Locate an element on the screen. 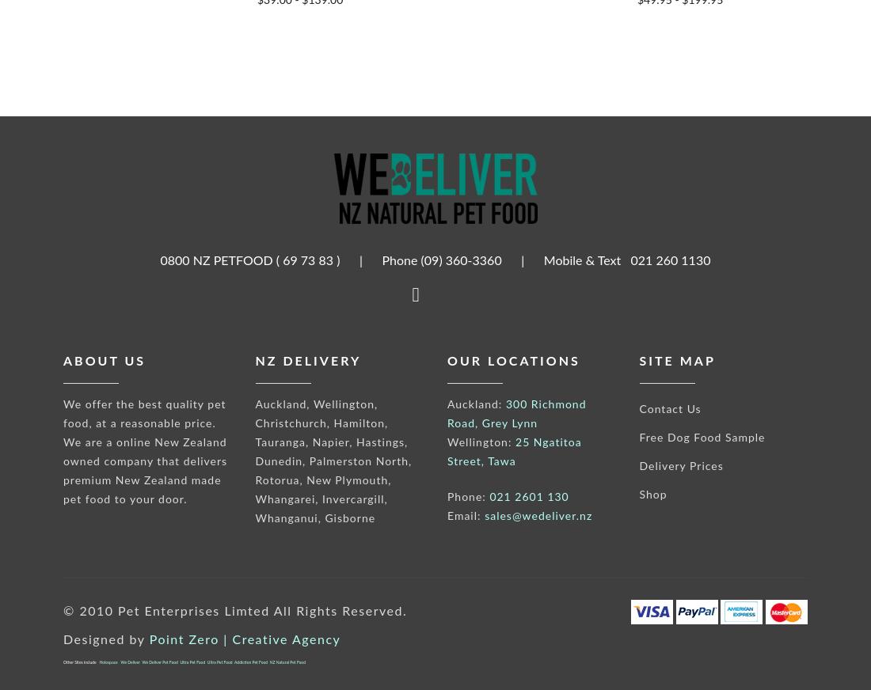 Image resolution: width=871 pixels, height=690 pixels. 'sales@wedeliver.nz' is located at coordinates (538, 517).